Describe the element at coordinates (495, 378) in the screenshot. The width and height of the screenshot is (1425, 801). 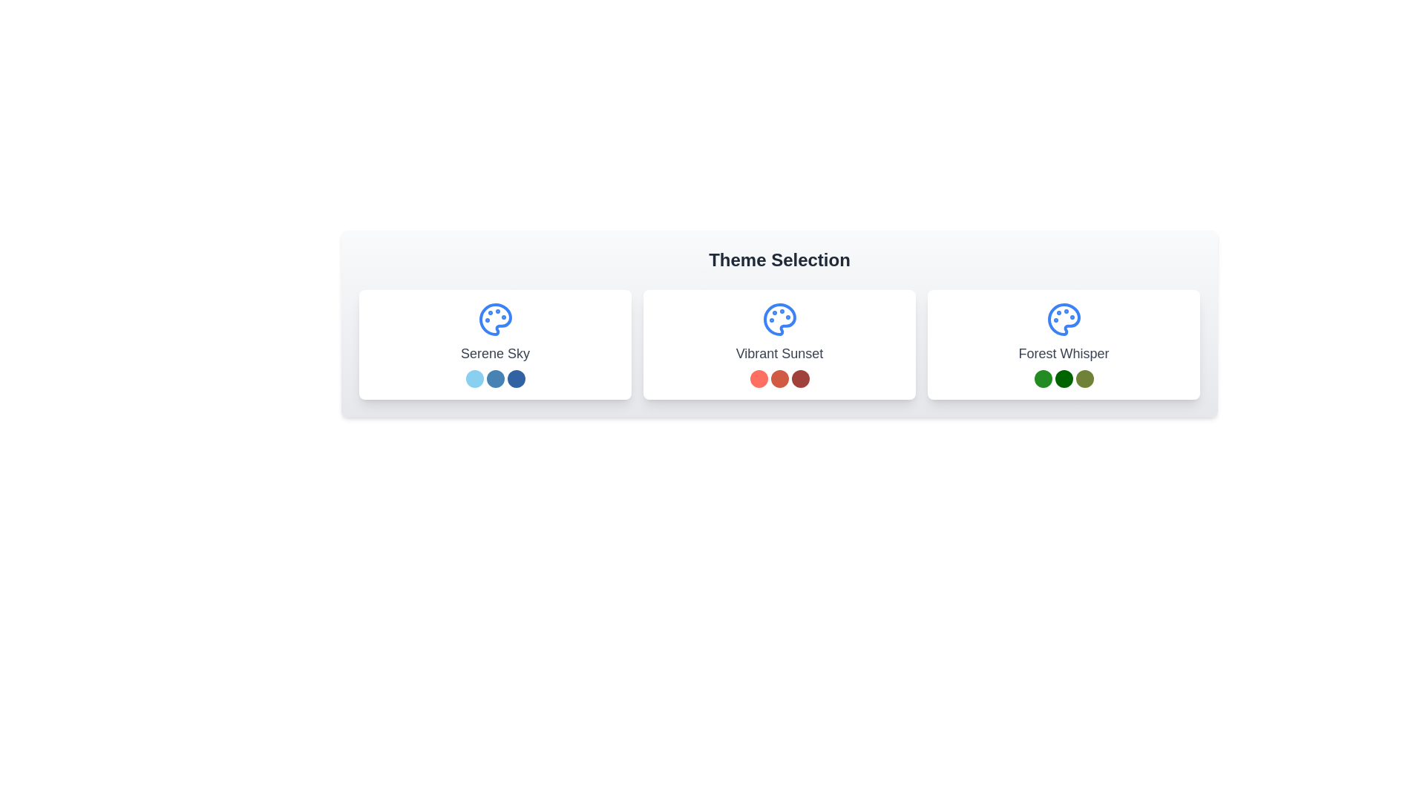
I see `the second color indicator button for the 'Serene Sky' theme, which is a decorative element located between the light blue and navy blue circles` at that location.